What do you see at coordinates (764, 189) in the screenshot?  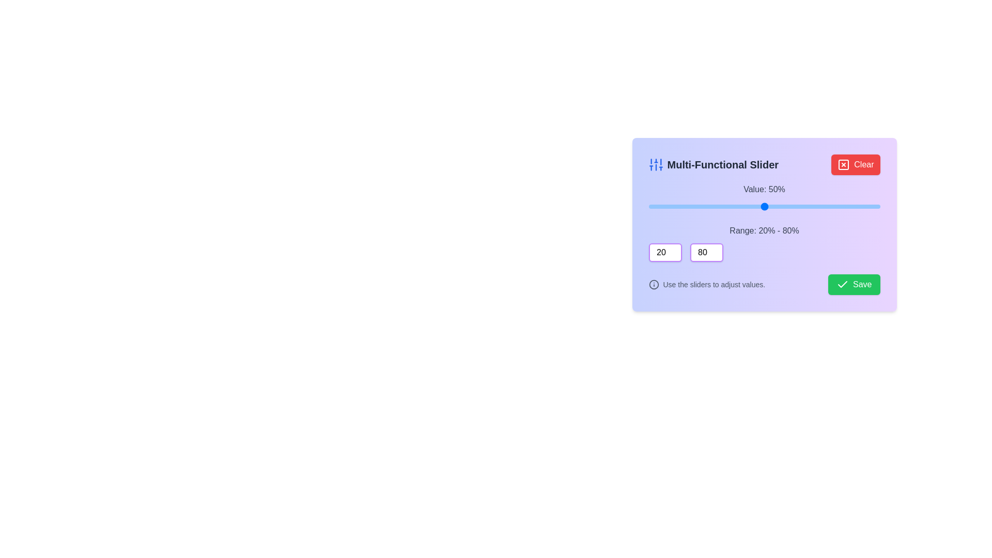 I see `the static text label displaying 'Value: 50%' located centrally above the horizontal slider control in the slider interface` at bounding box center [764, 189].